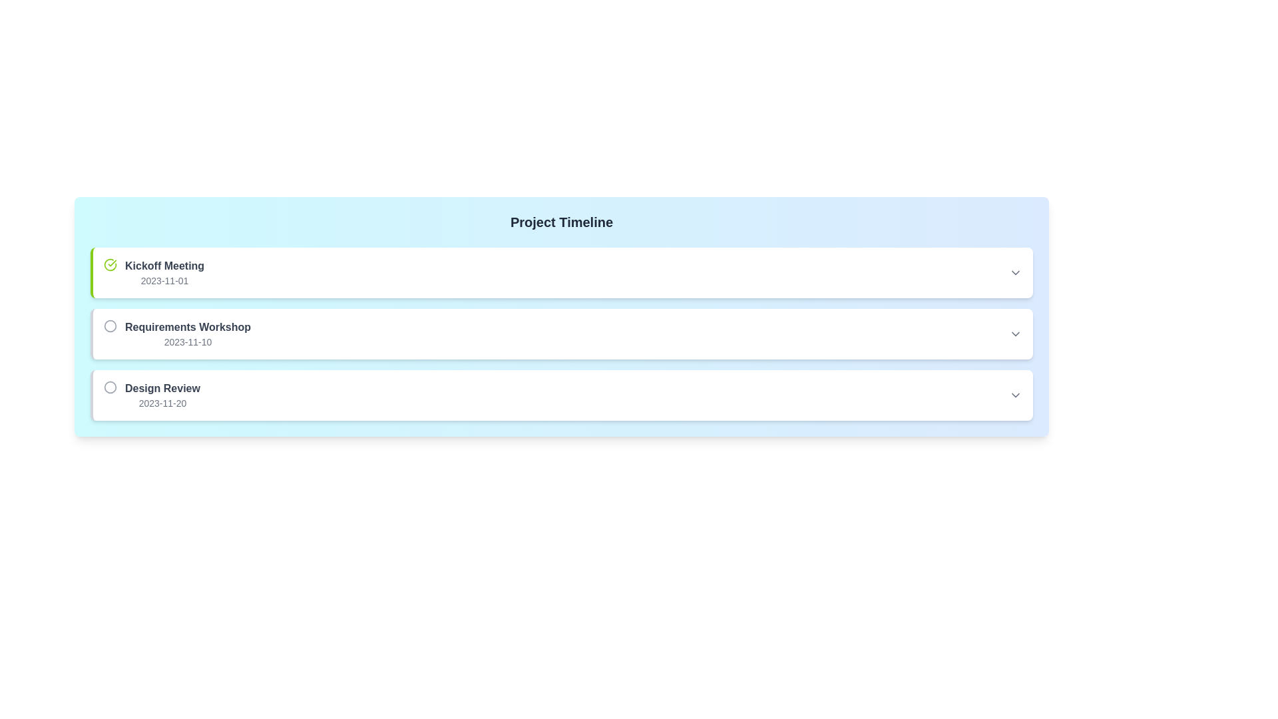 This screenshot has height=719, width=1278. I want to click on the Text label displaying the title of the timeline entry associated with 'Design Review' dated '2023-11-20', so click(162, 388).